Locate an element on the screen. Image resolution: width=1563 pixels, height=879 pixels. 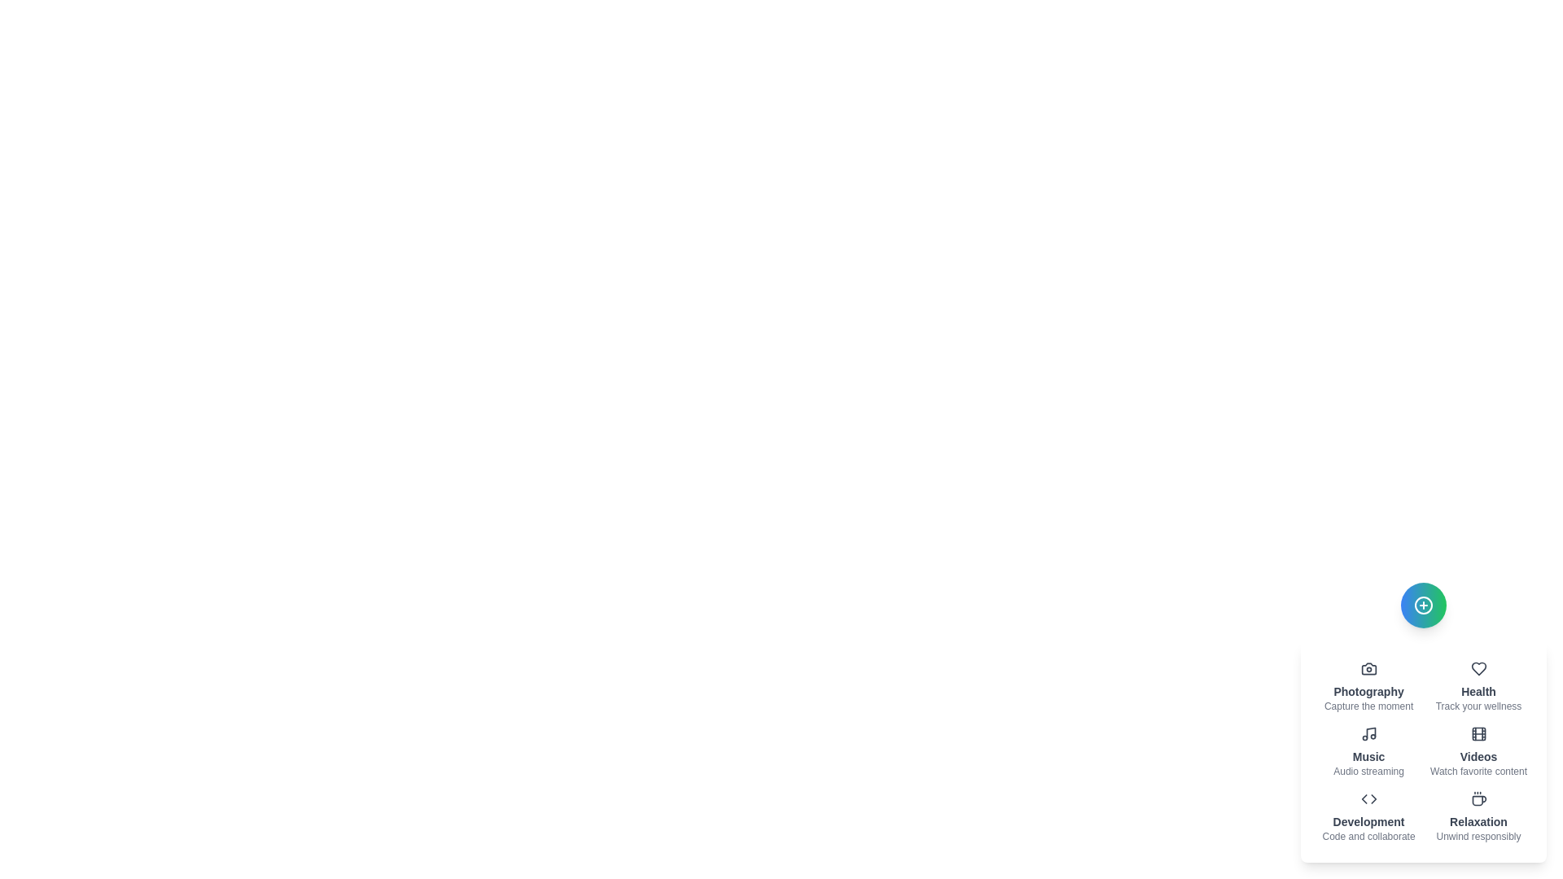
the item labeled 'Relaxation' to observe its hover effect is located at coordinates (1478, 816).